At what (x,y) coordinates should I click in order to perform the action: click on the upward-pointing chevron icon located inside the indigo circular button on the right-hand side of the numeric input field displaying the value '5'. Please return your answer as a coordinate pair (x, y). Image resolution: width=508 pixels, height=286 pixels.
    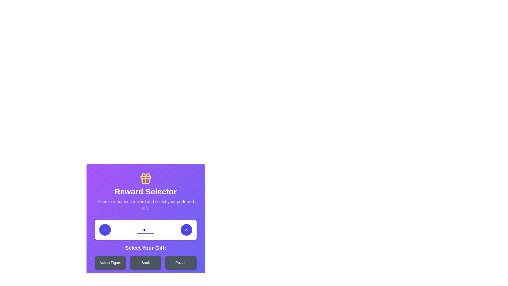
    Looking at the image, I should click on (186, 229).